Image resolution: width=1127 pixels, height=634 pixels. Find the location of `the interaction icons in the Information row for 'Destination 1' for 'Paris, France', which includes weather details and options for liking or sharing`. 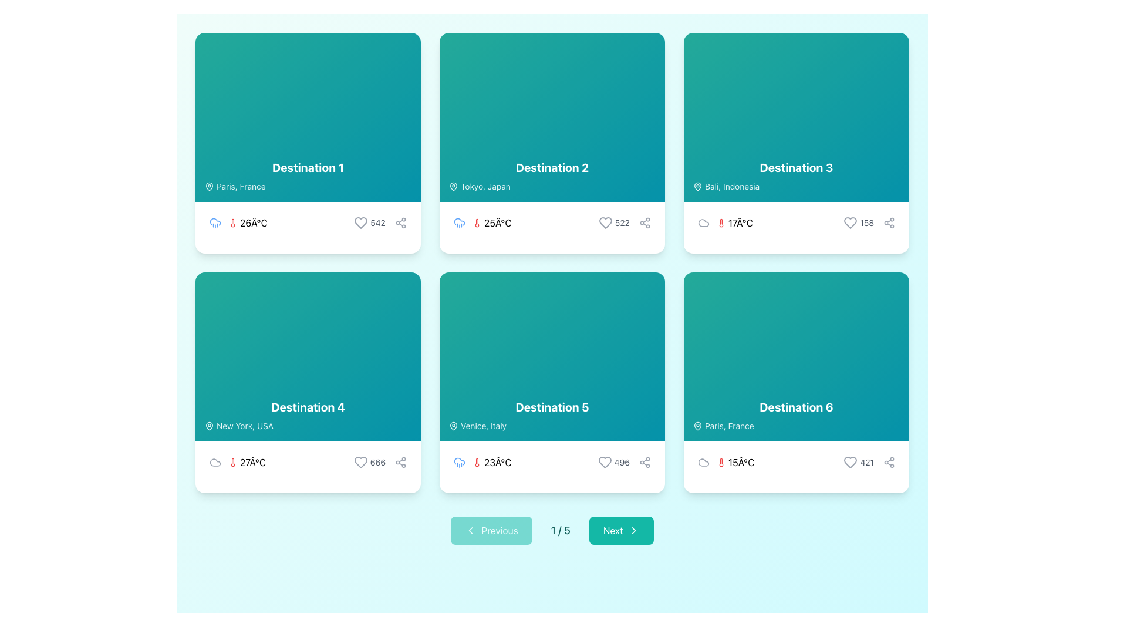

the interaction icons in the Information row for 'Destination 1' for 'Paris, France', which includes weather details and options for liking or sharing is located at coordinates (308, 228).